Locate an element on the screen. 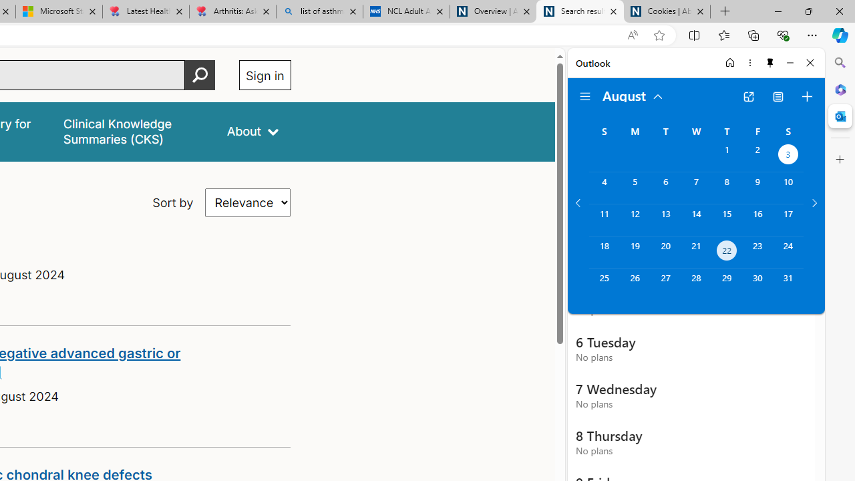  'Folder navigation' is located at coordinates (585, 96).